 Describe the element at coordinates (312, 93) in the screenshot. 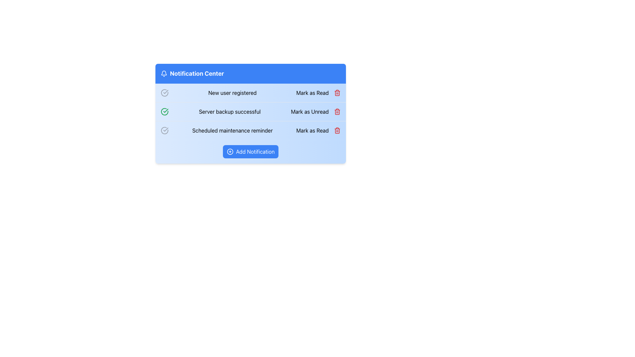

I see `the text-based interactive button located on the right side of the first row of the notification list to mark the notification as read, which changes its state from 'unread'` at that location.